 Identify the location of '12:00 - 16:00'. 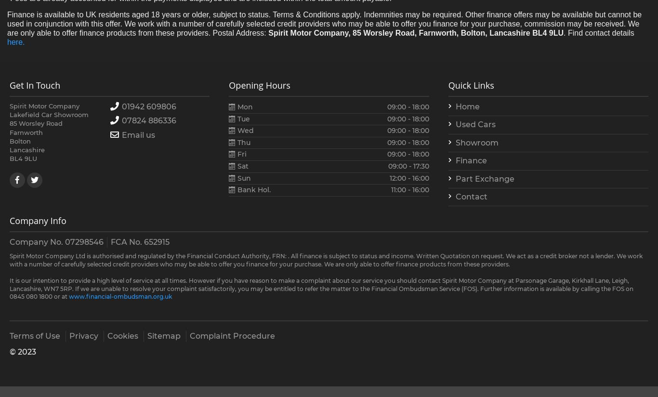
(408, 177).